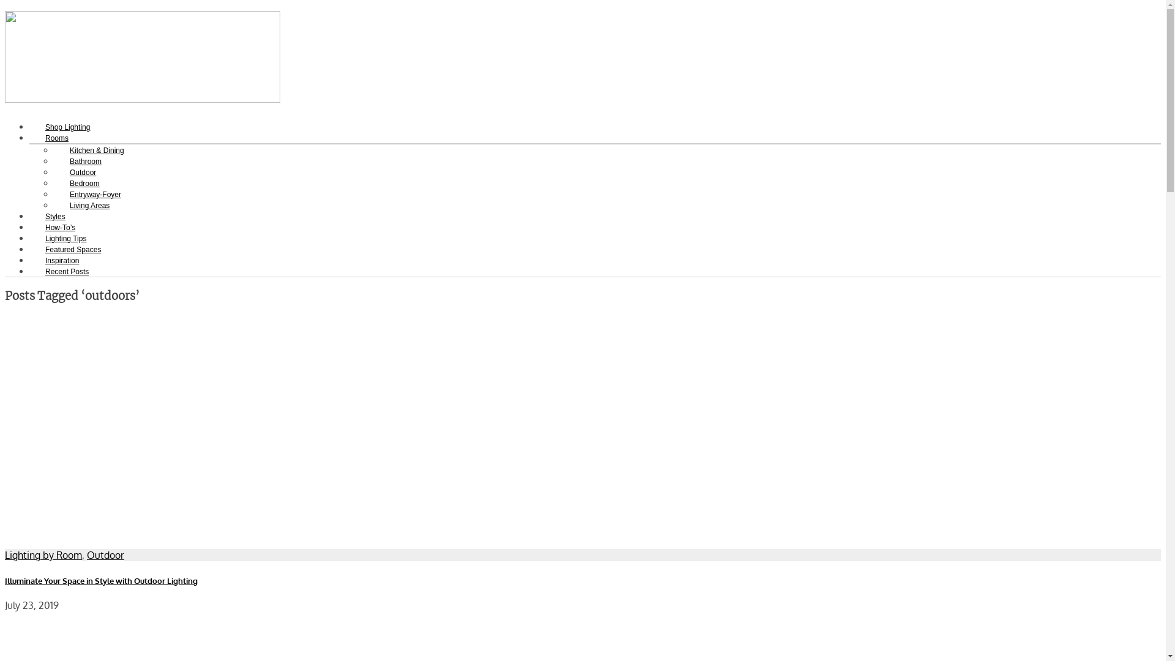 The height and width of the screenshot is (661, 1175). What do you see at coordinates (43, 555) in the screenshot?
I see `'Lighting by Room'` at bounding box center [43, 555].